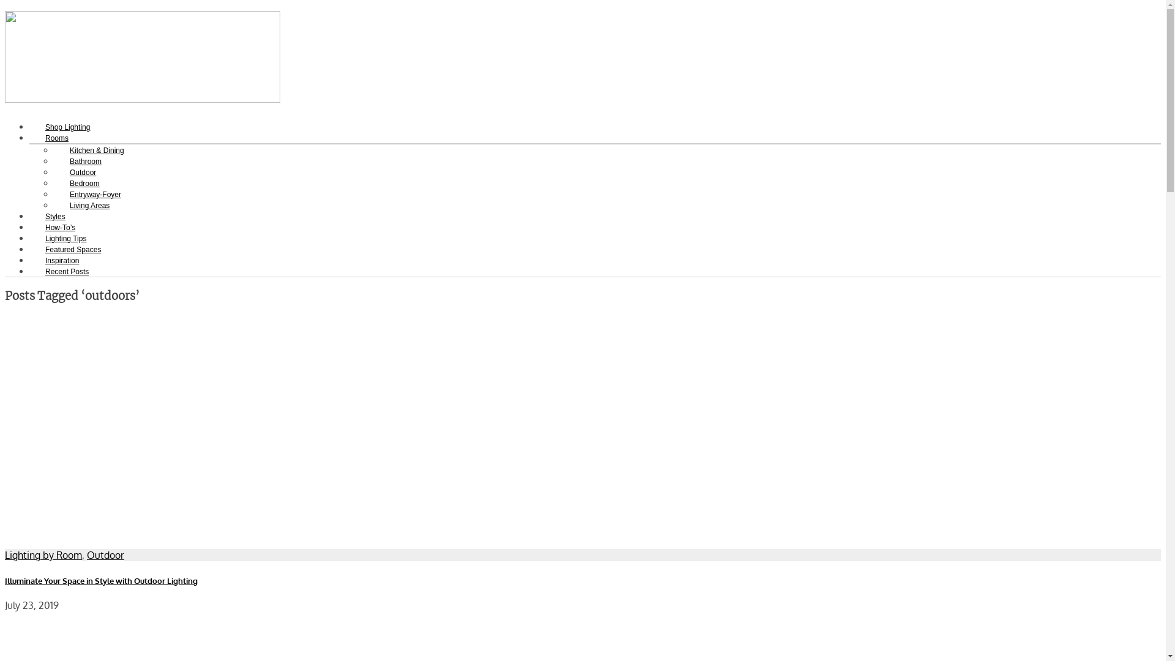 The height and width of the screenshot is (661, 1175). What do you see at coordinates (43, 555) in the screenshot?
I see `'Lighting by Room'` at bounding box center [43, 555].